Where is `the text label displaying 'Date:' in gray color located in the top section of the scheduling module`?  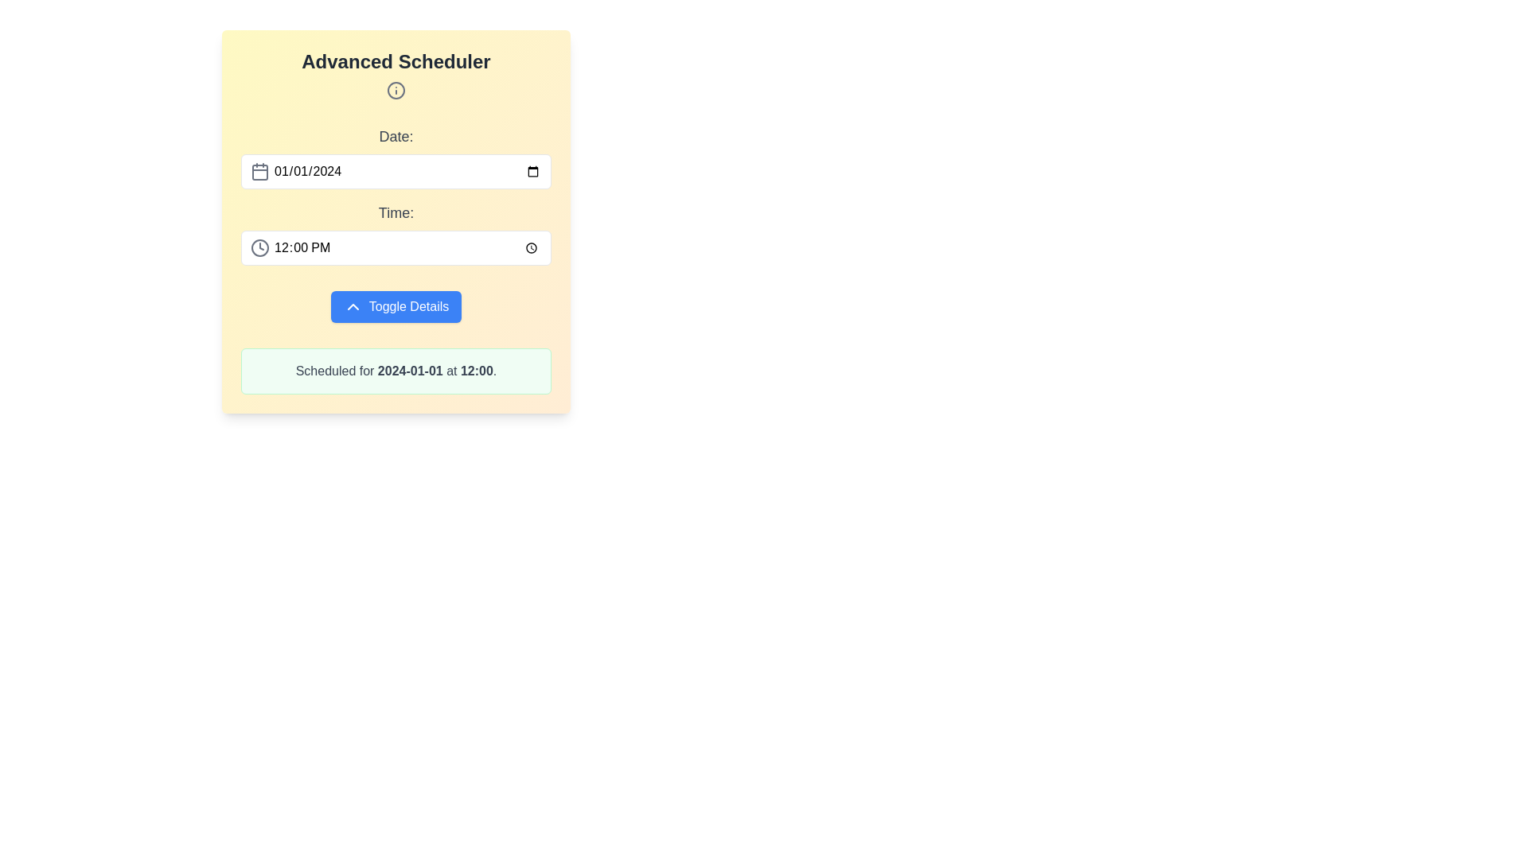 the text label displaying 'Date:' in gray color located in the top section of the scheduling module is located at coordinates (396, 136).